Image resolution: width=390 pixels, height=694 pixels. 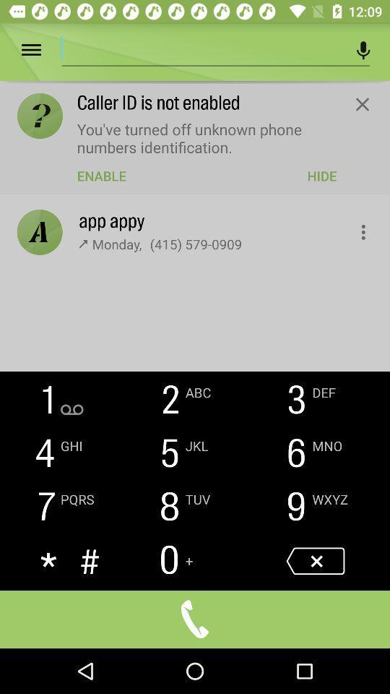 I want to click on the page, so click(x=361, y=103).